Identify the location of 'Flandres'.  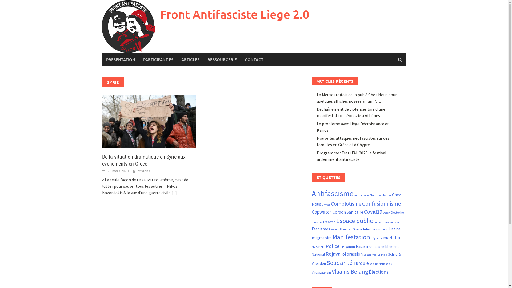
(339, 229).